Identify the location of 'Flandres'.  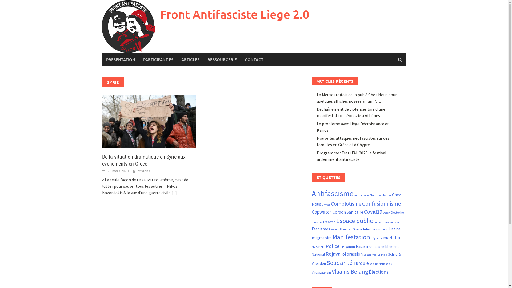
(339, 229).